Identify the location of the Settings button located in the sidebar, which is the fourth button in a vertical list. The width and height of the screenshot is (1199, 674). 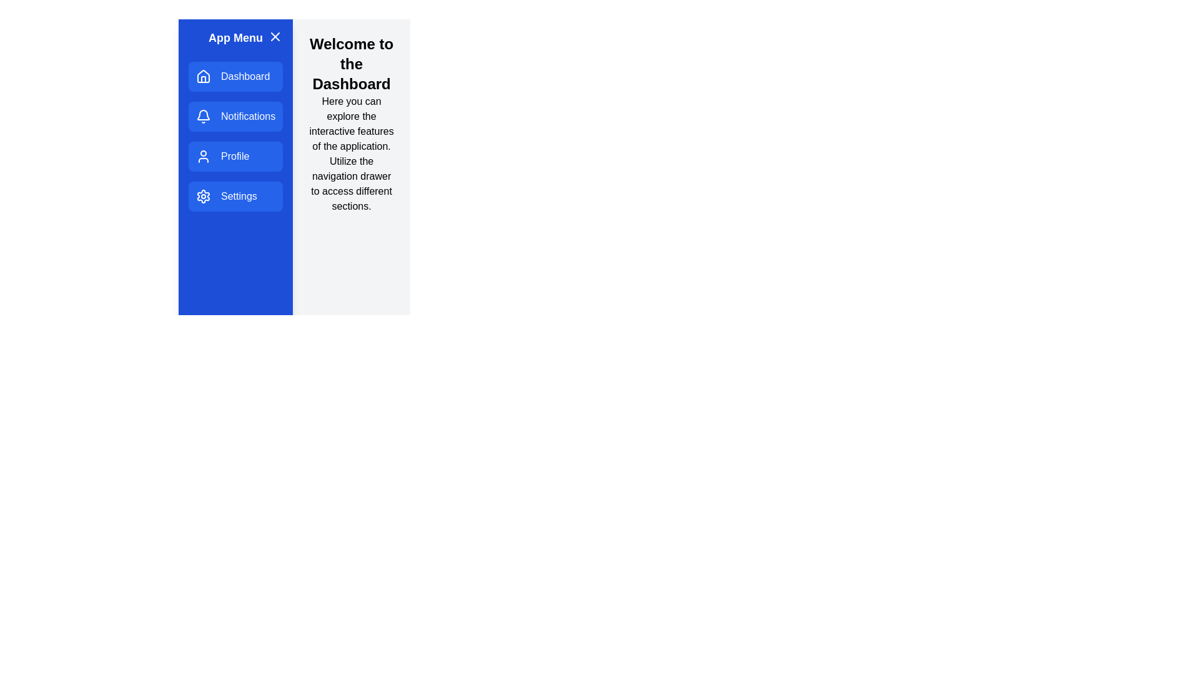
(235, 197).